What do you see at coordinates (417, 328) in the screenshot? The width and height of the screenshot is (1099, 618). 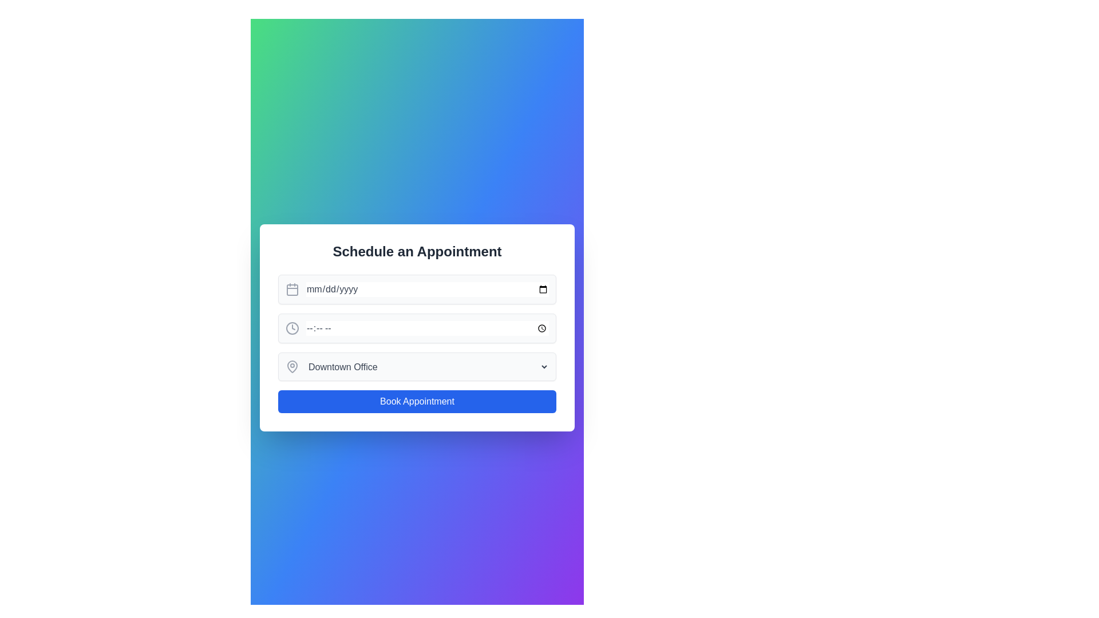 I see `the Time Input Field, which is the second input field in the form, located below the date input field and above the location dropdown menu` at bounding box center [417, 328].